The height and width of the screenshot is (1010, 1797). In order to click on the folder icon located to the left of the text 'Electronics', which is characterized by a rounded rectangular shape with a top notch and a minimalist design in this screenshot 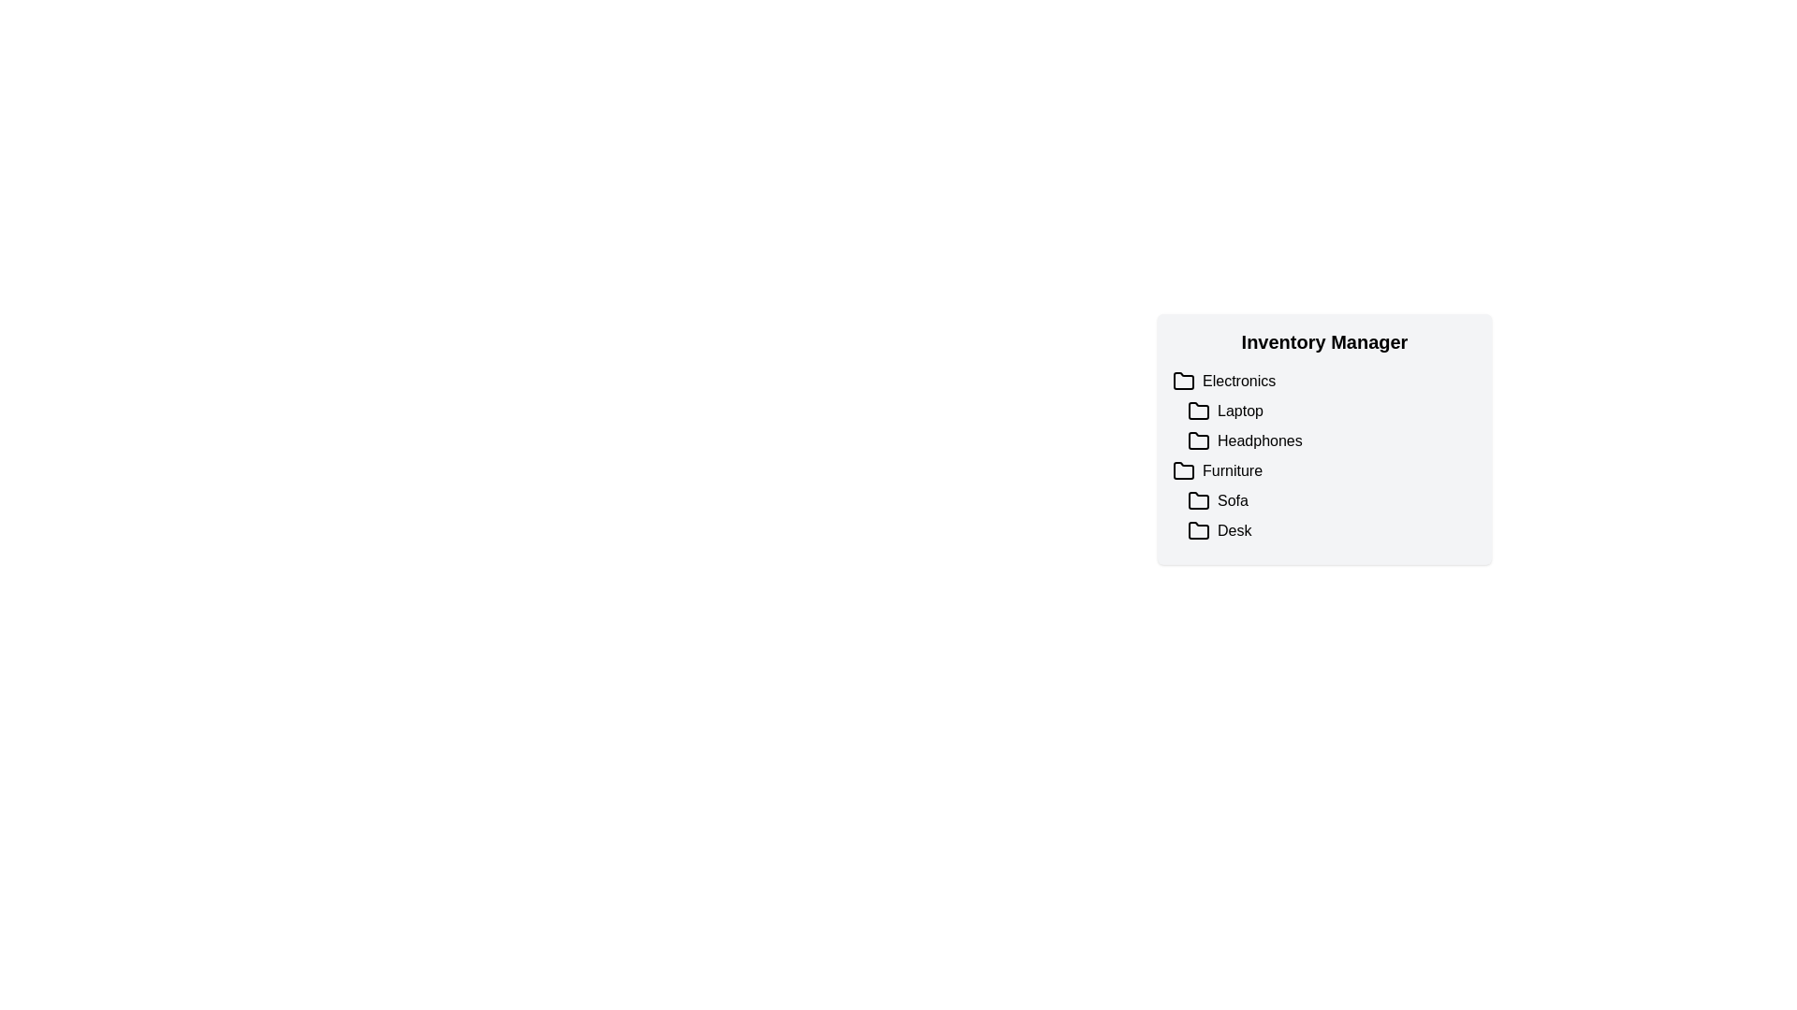, I will do `click(1183, 381)`.